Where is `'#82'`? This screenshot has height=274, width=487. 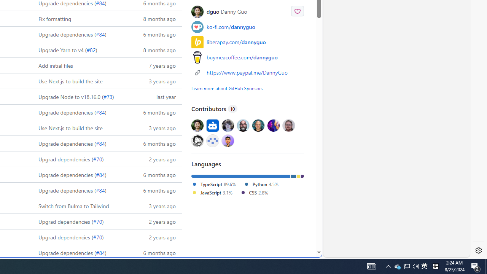 '#82' is located at coordinates (91, 50).